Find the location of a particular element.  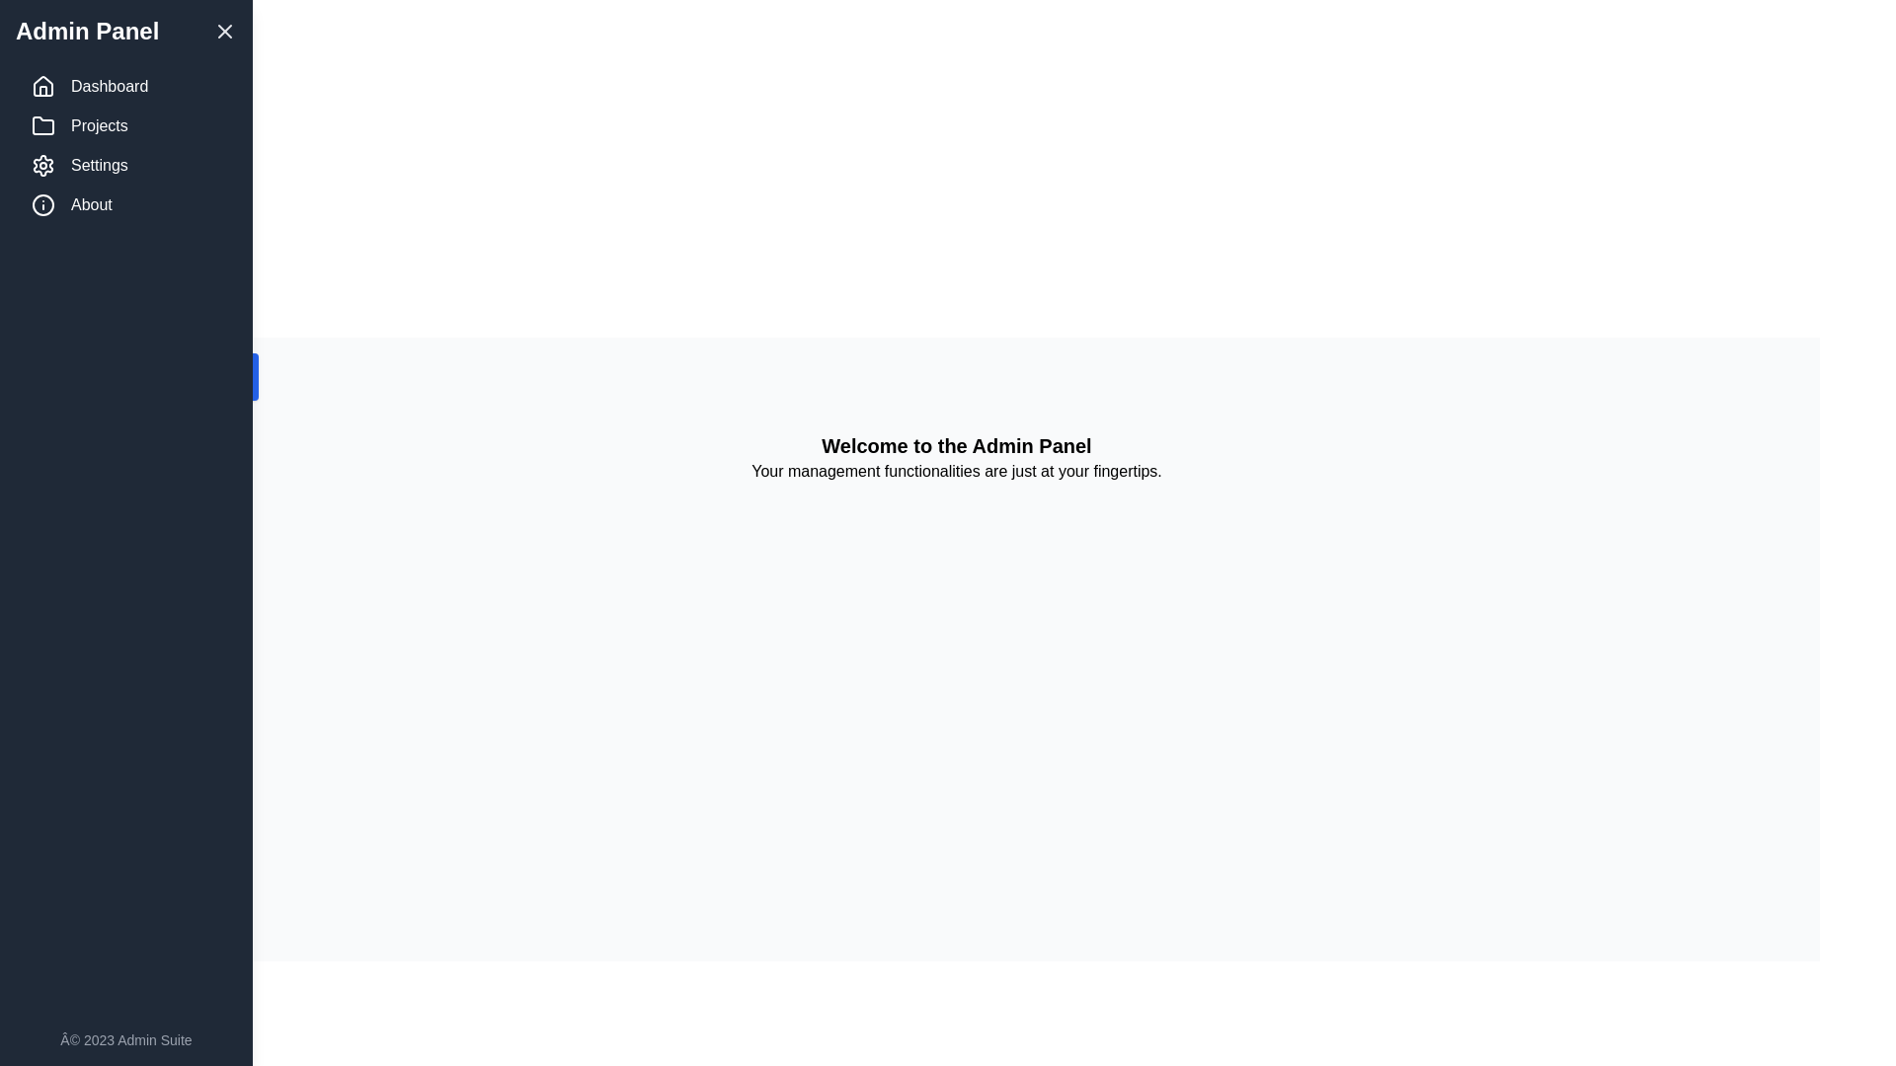

the static text element labeled 'Admin Panel' which is positioned at the top-left corner of the sidebar in bold large font is located at coordinates (86, 31).